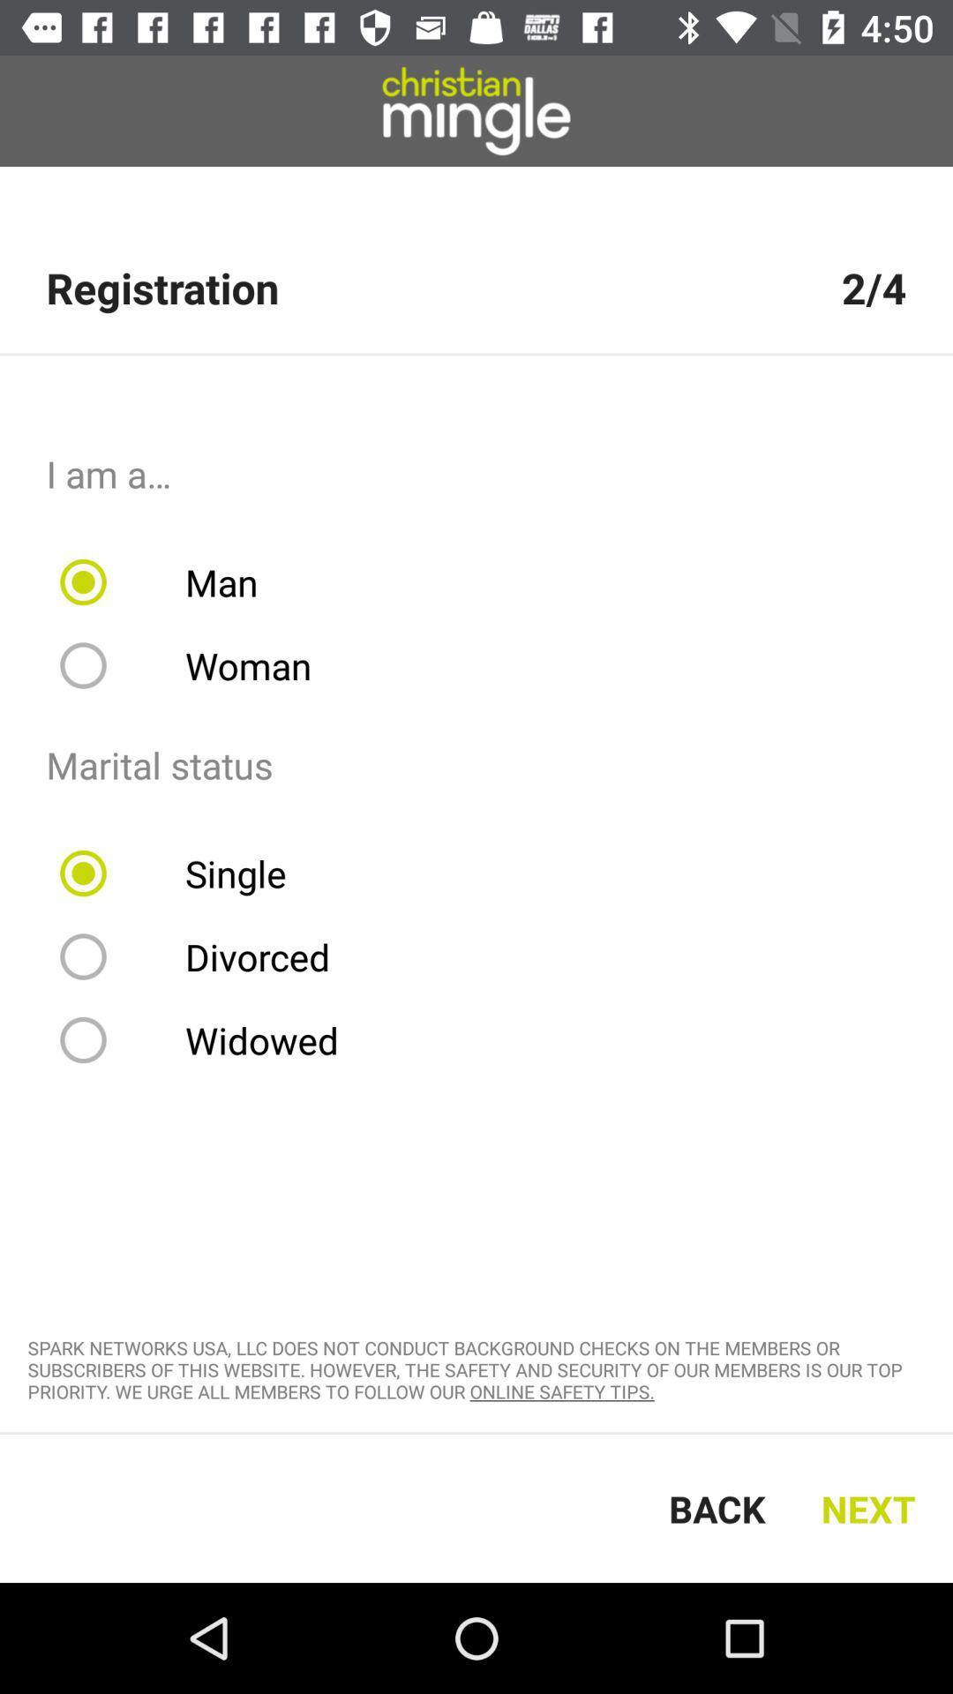 Image resolution: width=953 pixels, height=1694 pixels. What do you see at coordinates (210, 1040) in the screenshot?
I see `widowed icon` at bounding box center [210, 1040].